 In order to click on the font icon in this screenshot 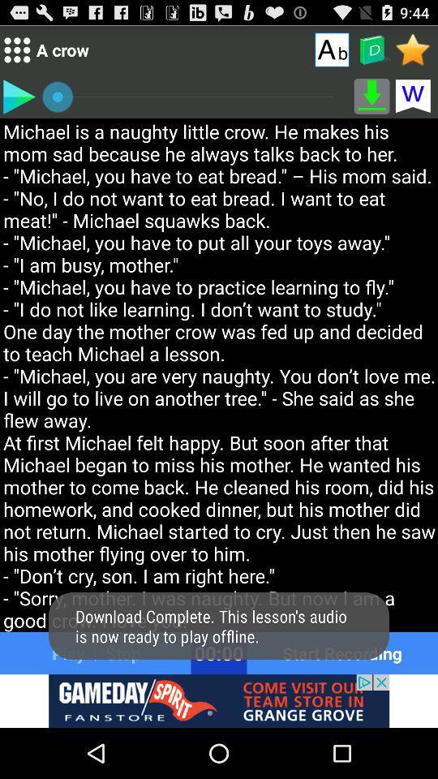, I will do `click(331, 53)`.